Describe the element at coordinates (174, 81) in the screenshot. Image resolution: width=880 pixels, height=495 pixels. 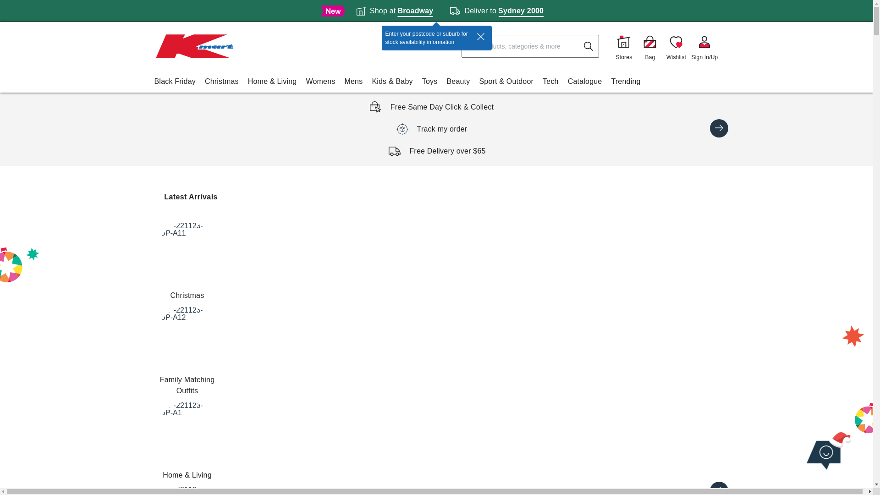
I see `'Black Friday'` at that location.